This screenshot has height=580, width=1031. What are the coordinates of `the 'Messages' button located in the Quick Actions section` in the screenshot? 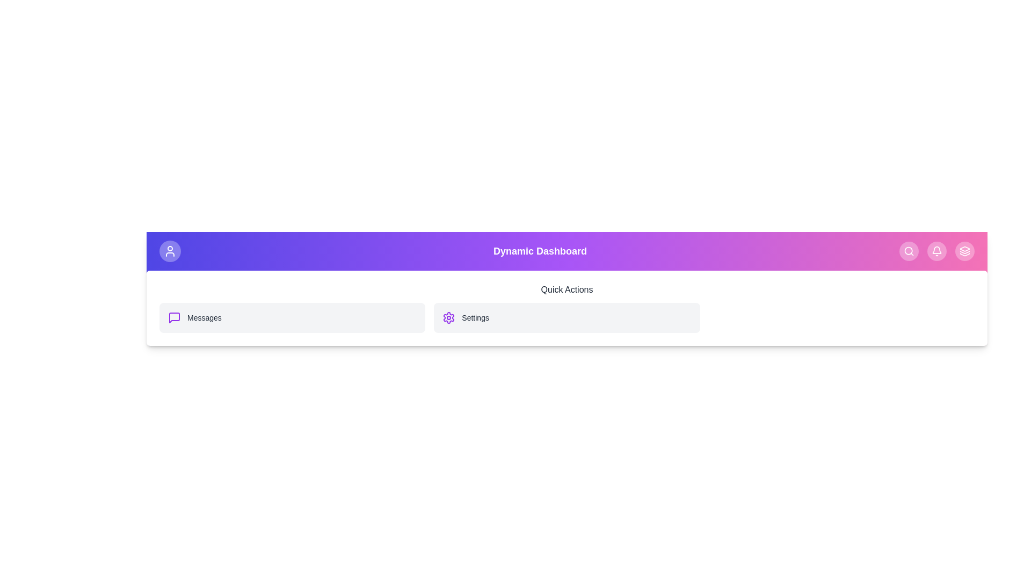 It's located at (292, 317).